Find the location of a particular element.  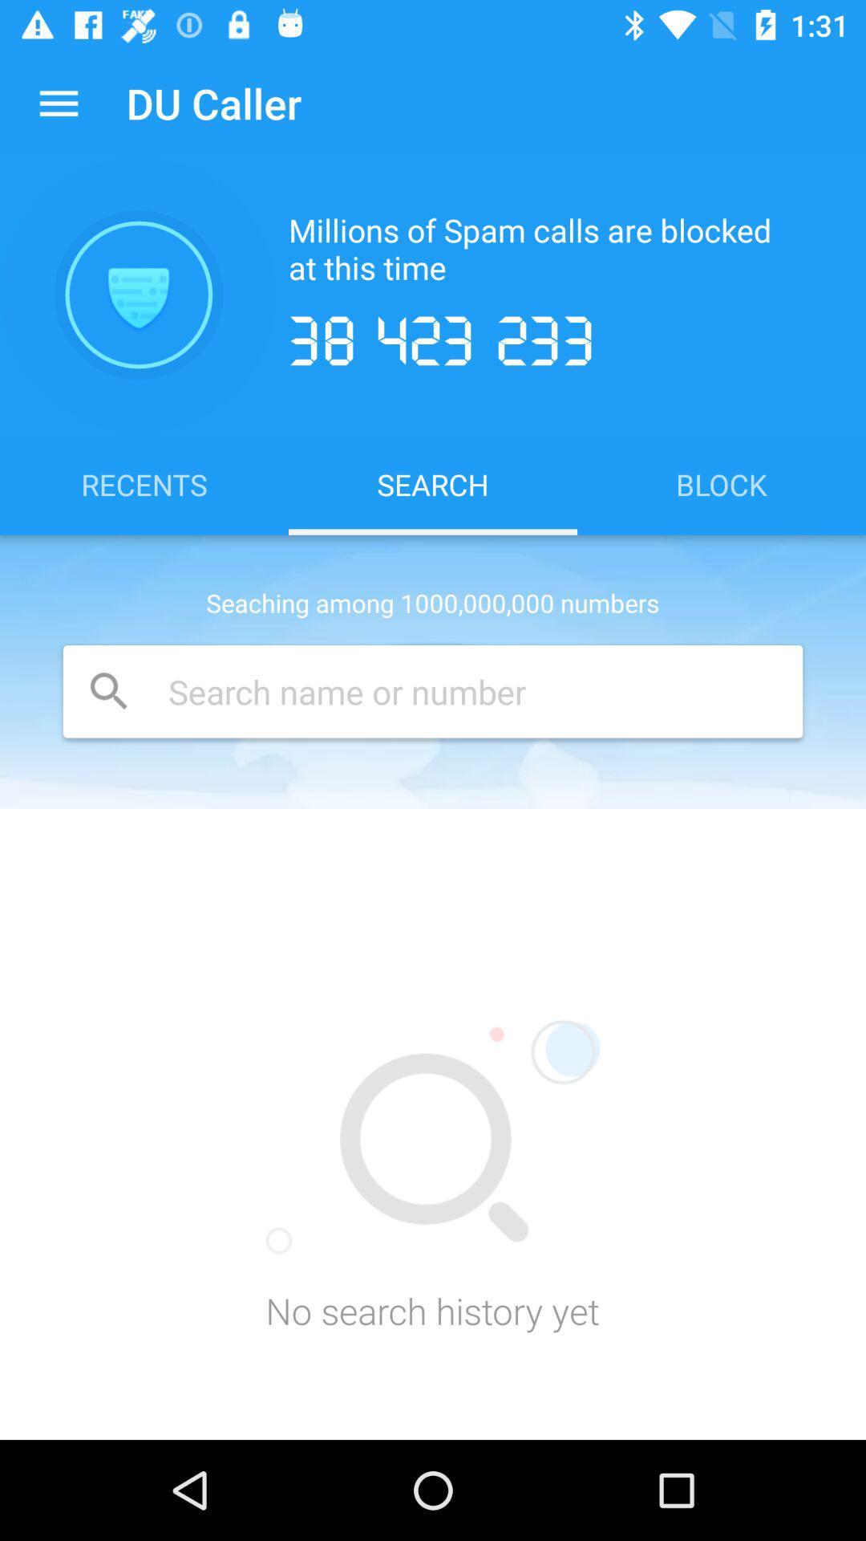

item to the left of search is located at coordinates (144, 483).